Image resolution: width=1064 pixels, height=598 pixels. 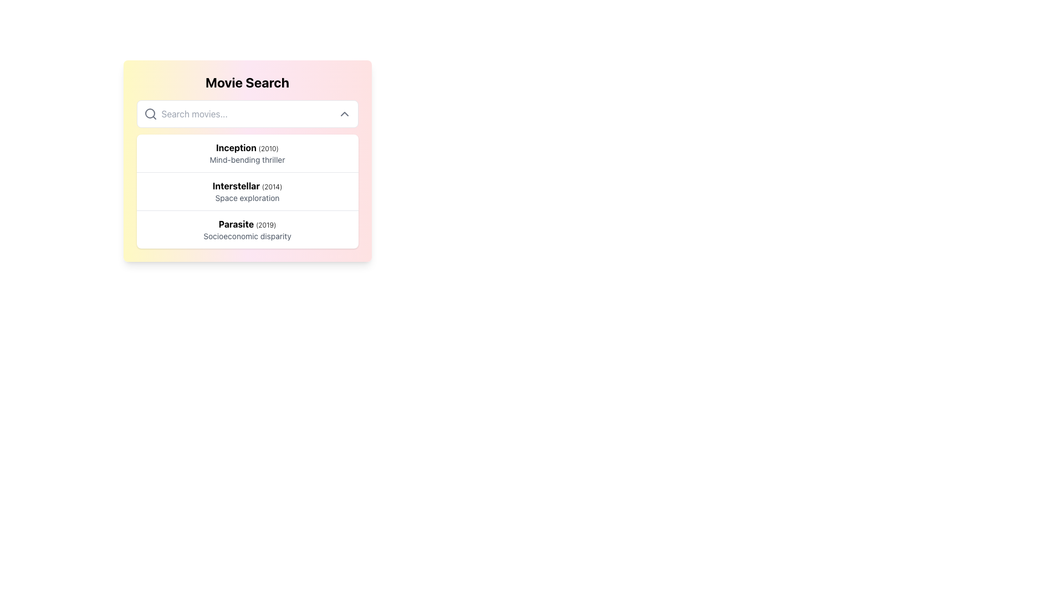 I want to click on the icon button located at the far right of the search bar, so click(x=344, y=114).